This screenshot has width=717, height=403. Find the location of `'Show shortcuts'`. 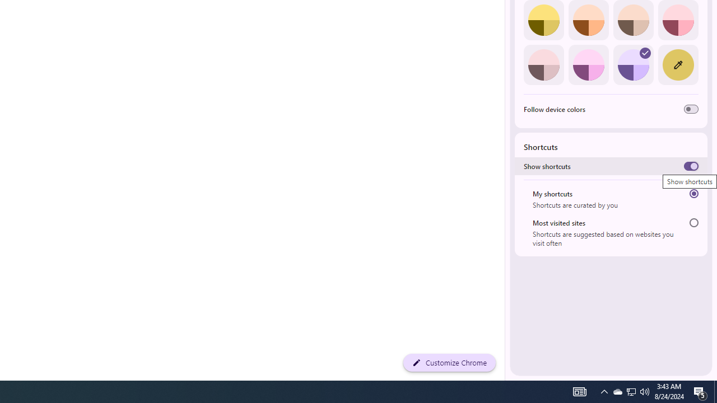

'Show shortcuts' is located at coordinates (690, 166).